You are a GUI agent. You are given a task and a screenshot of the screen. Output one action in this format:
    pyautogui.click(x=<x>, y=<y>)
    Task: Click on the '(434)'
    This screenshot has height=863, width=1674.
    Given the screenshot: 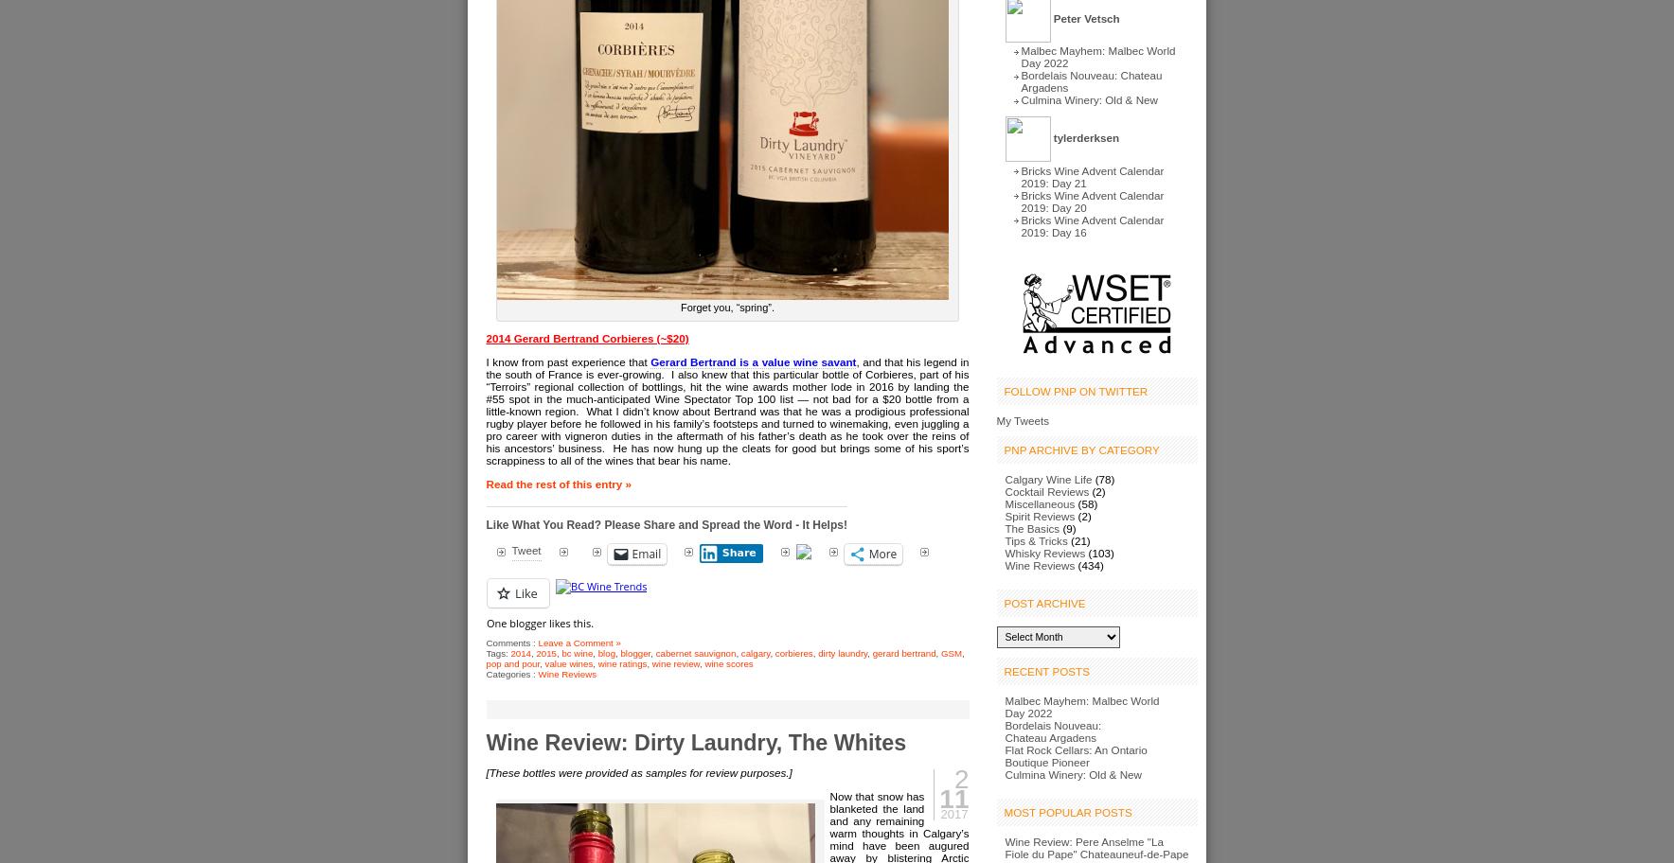 What is the action you would take?
    pyautogui.click(x=1089, y=564)
    